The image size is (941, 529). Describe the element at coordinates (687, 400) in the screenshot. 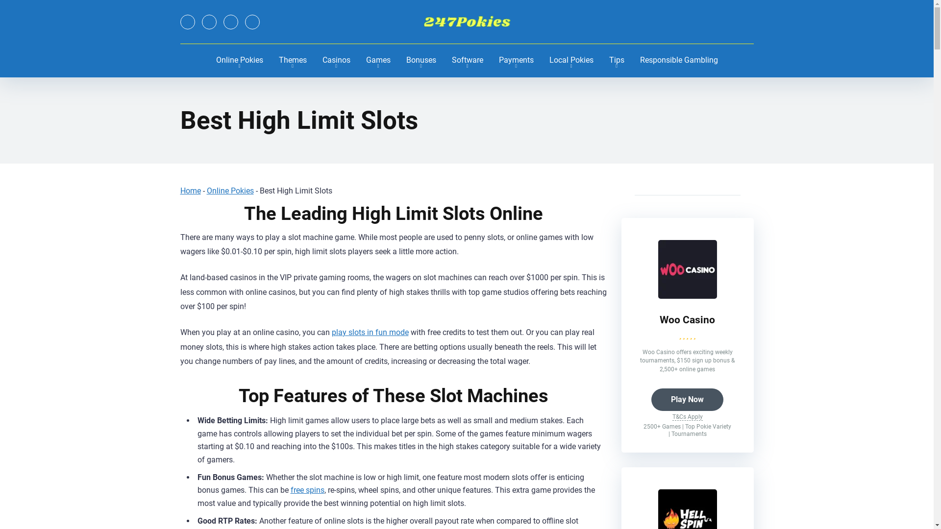

I see `'Play Now'` at that location.